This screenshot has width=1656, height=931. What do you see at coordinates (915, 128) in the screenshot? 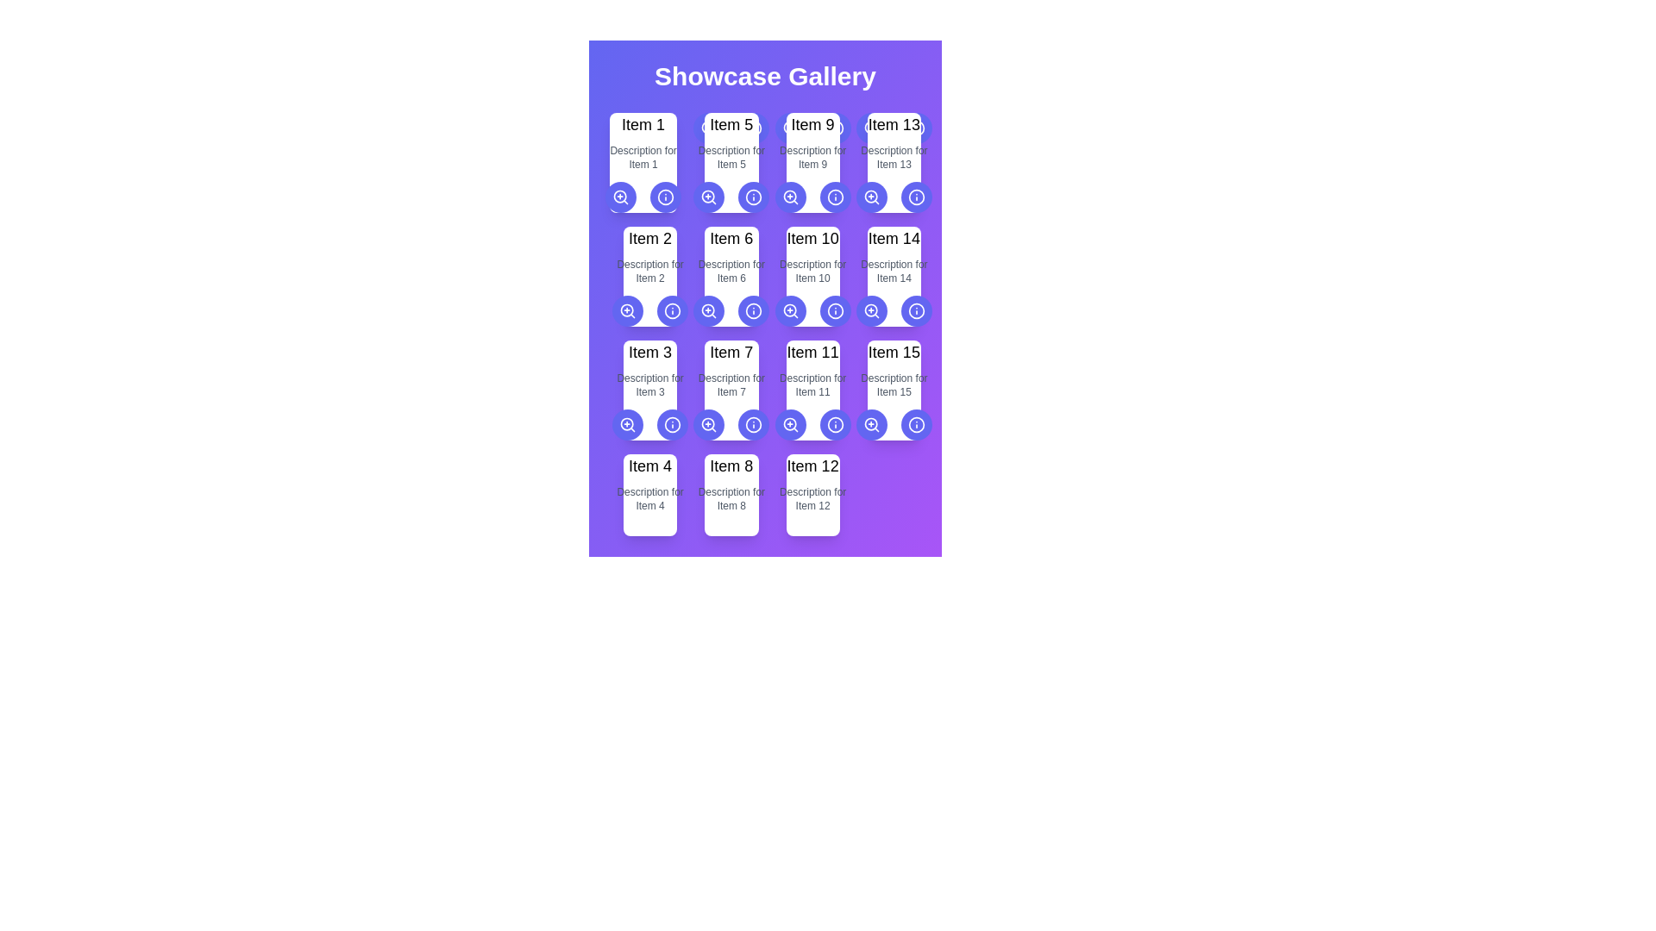
I see `the information icon displayed as a circular button with a central 'i' located at the top-right corner of the 'Item 13' card` at bounding box center [915, 128].